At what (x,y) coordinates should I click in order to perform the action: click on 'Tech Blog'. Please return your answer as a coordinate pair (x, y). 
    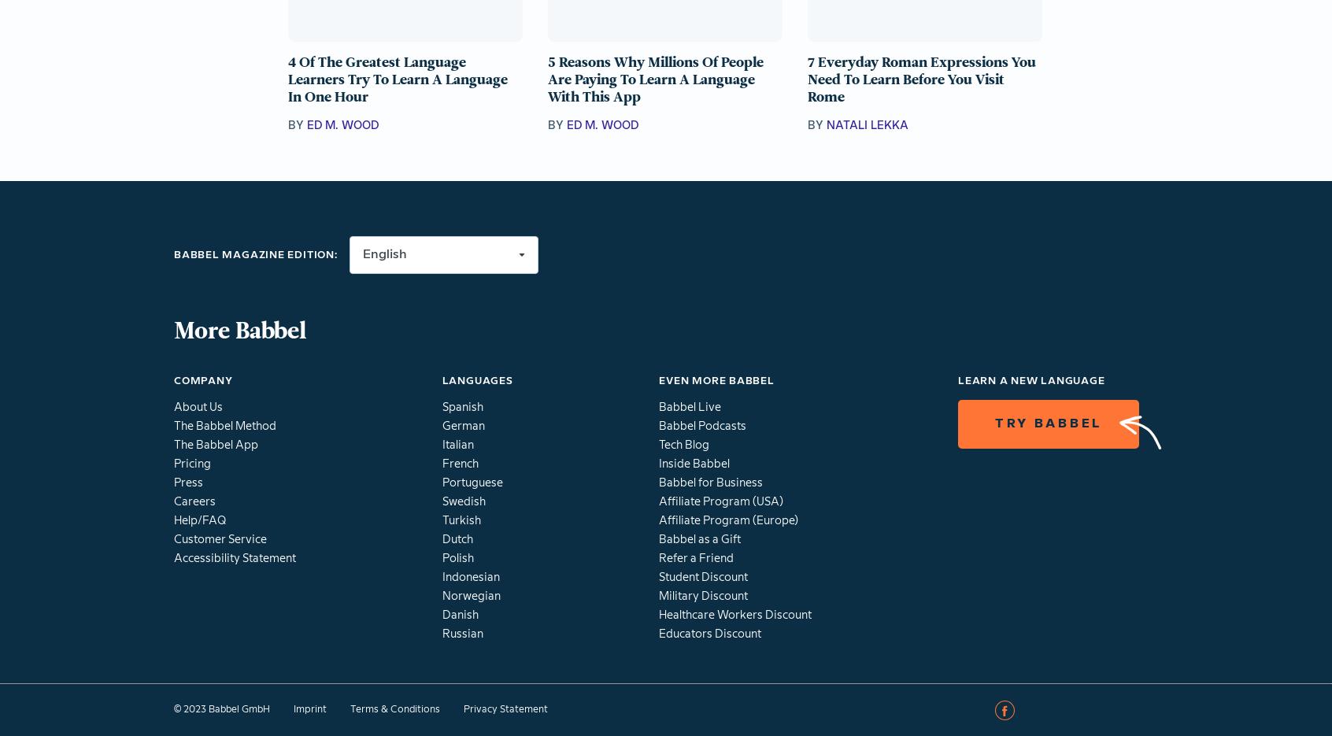
    Looking at the image, I should click on (659, 445).